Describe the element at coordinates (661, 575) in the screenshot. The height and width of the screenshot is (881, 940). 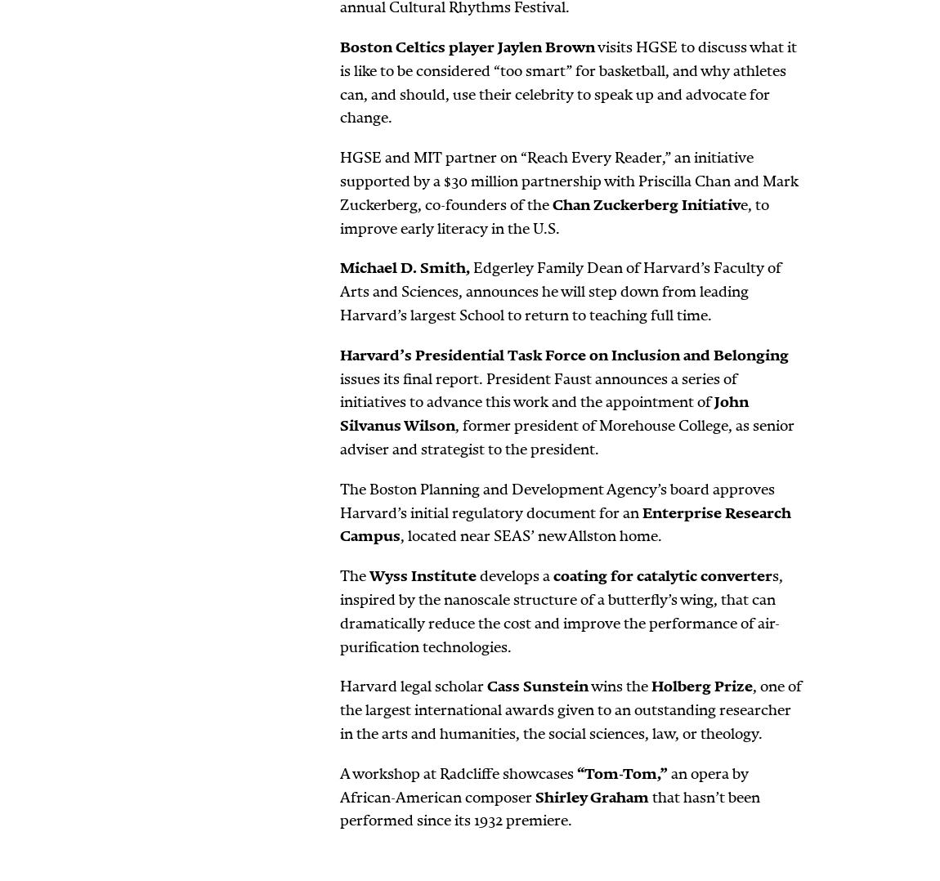
I see `'coating for catalytic converter'` at that location.